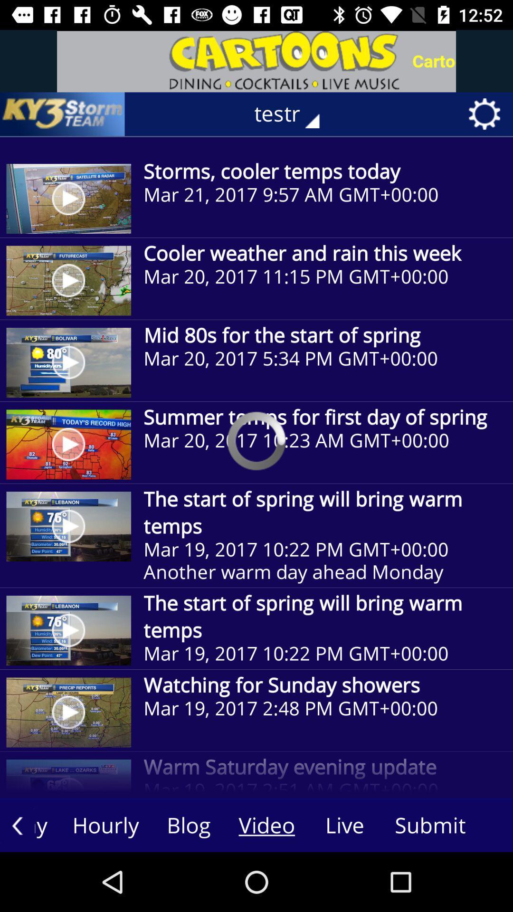 This screenshot has height=912, width=513. I want to click on the settings button on the web page, so click(487, 114).